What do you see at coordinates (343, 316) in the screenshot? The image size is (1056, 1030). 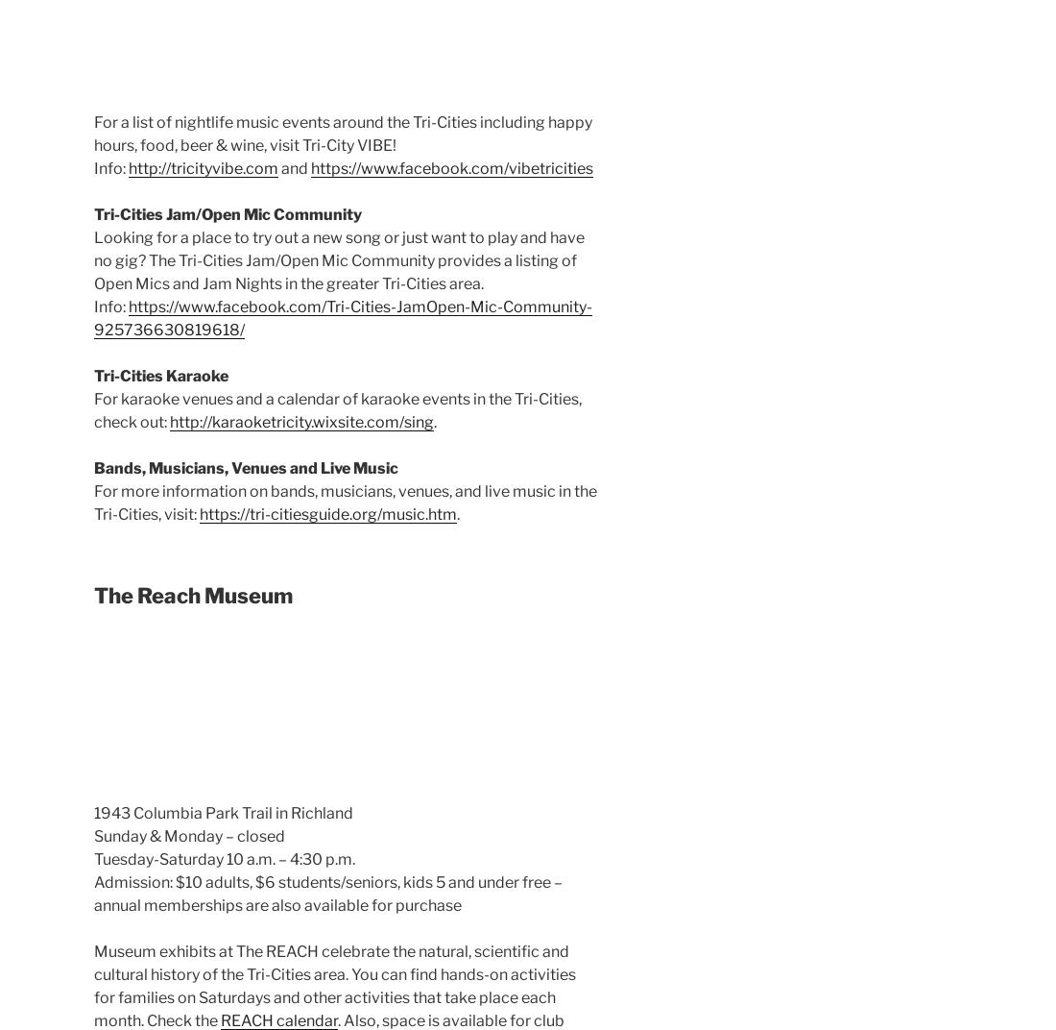 I see `'https://www.facebook.com/Tri-Cities-JamOpen-Mic-Community-925736630819618/'` at bounding box center [343, 316].